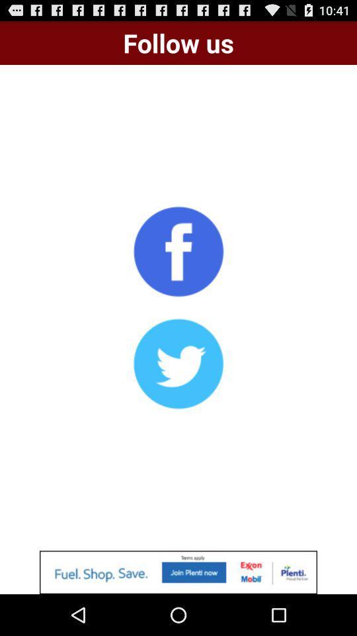 The height and width of the screenshot is (636, 357). What do you see at coordinates (178, 572) in the screenshot?
I see `for advertisement` at bounding box center [178, 572].